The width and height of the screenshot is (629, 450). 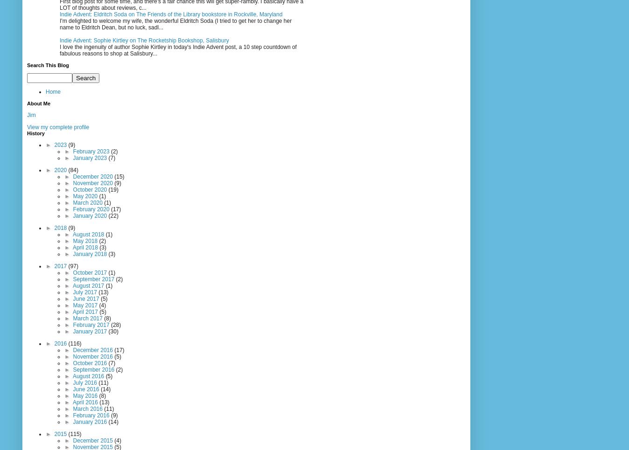 What do you see at coordinates (85, 291) in the screenshot?
I see `'July 2017'` at bounding box center [85, 291].